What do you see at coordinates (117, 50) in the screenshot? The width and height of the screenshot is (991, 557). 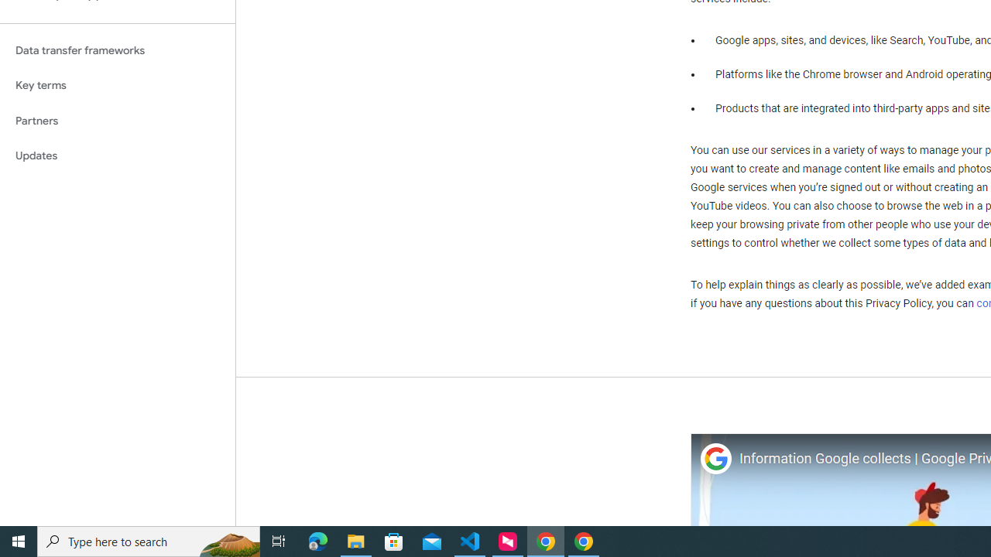 I see `'Data transfer frameworks'` at bounding box center [117, 50].